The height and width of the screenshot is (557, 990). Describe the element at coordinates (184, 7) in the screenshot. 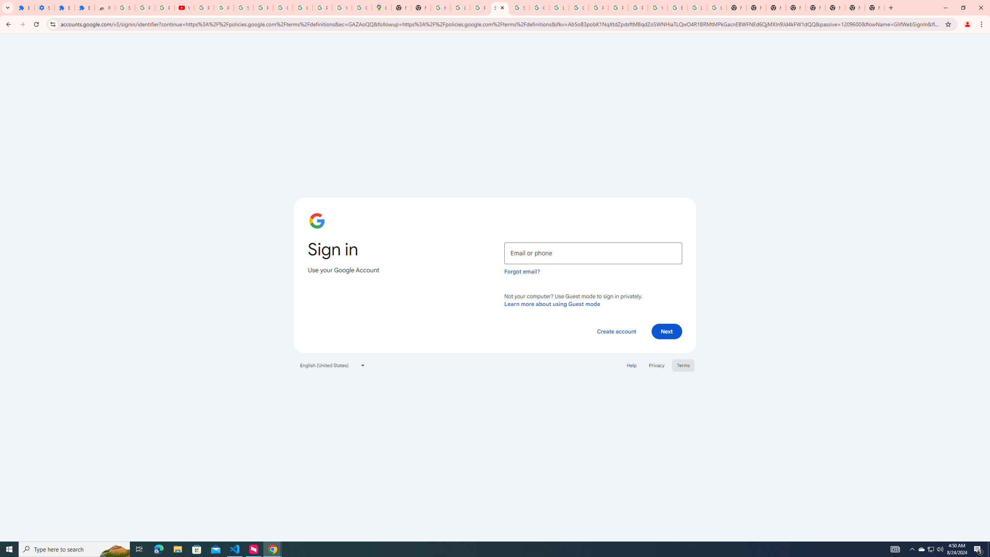

I see `'YouTube'` at that location.